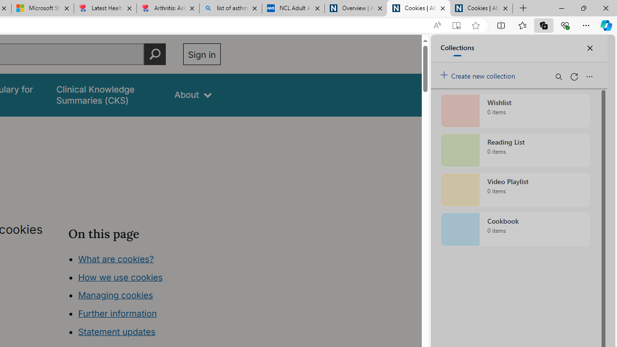 The height and width of the screenshot is (347, 617). What do you see at coordinates (193, 95) in the screenshot?
I see `'About'` at bounding box center [193, 95].